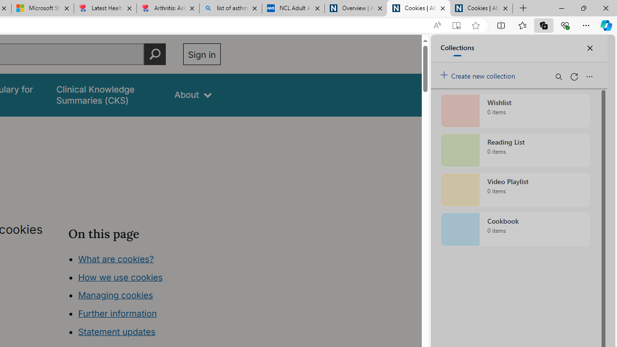 The height and width of the screenshot is (347, 617). What do you see at coordinates (193, 95) in the screenshot?
I see `'About'` at bounding box center [193, 95].